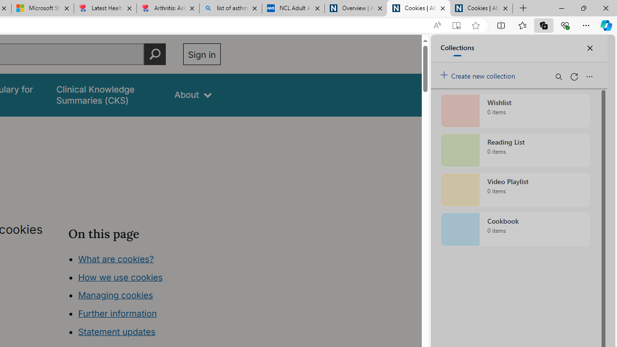 The height and width of the screenshot is (347, 617). What do you see at coordinates (193, 95) in the screenshot?
I see `'About'` at bounding box center [193, 95].